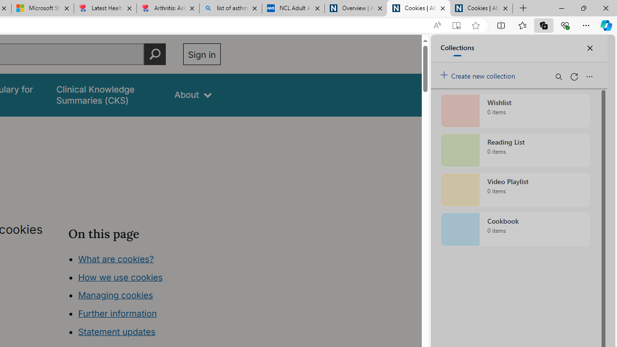 The height and width of the screenshot is (347, 617). What do you see at coordinates (193, 95) in the screenshot?
I see `'About'` at bounding box center [193, 95].